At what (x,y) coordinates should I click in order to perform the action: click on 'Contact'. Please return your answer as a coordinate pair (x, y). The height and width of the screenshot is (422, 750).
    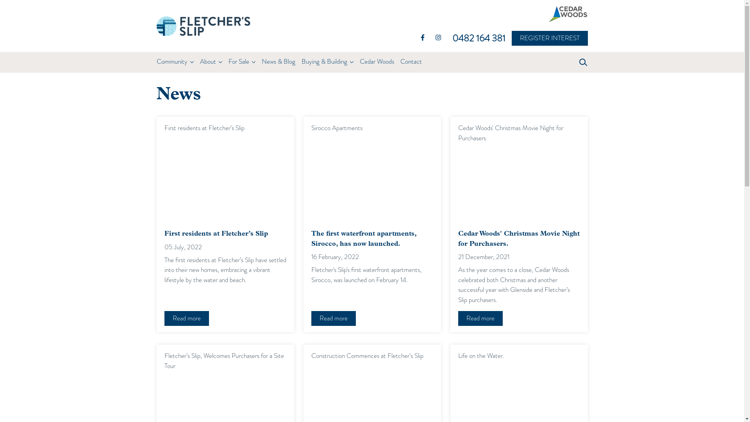
    Looking at the image, I should click on (410, 61).